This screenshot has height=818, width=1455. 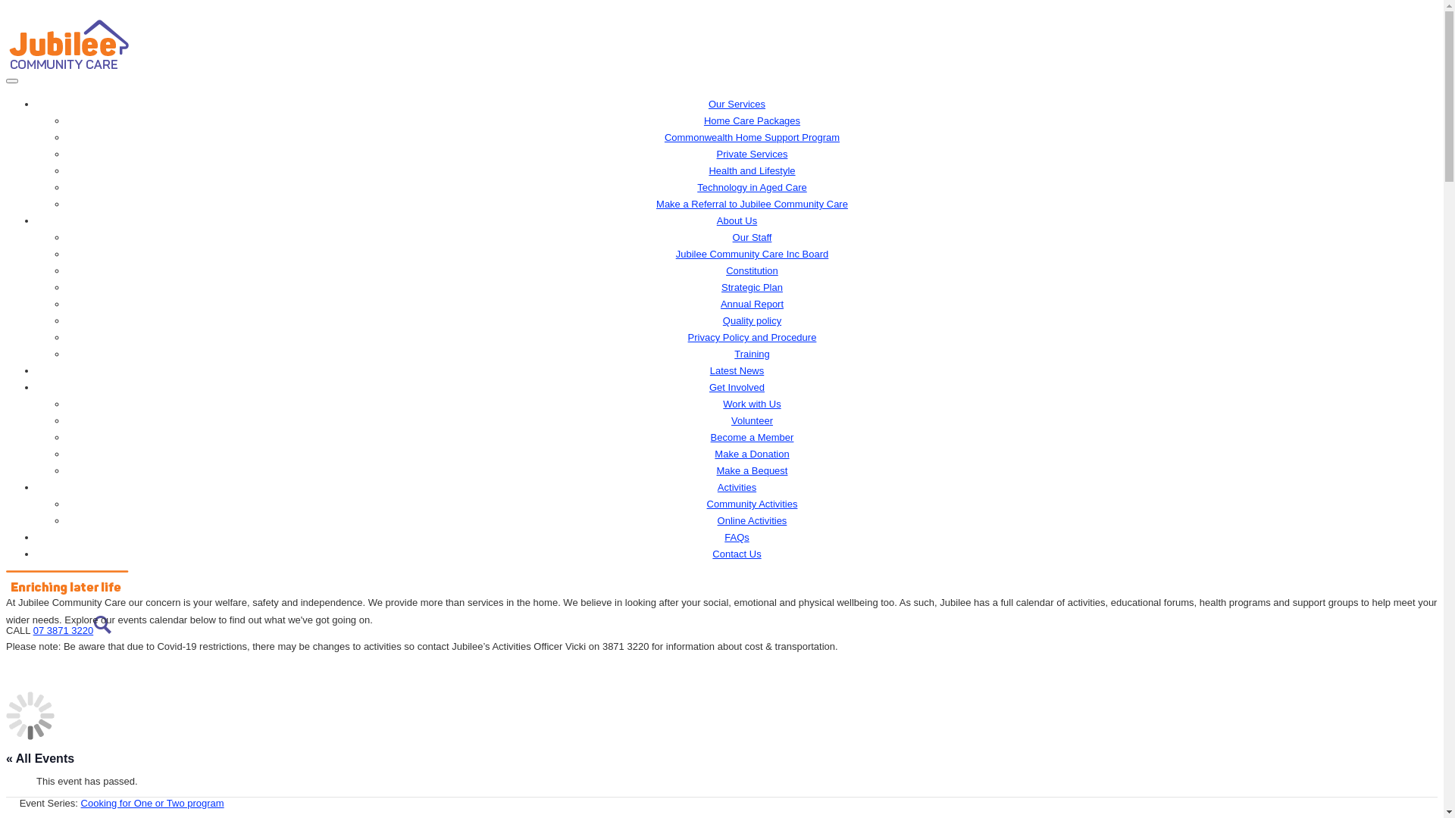 What do you see at coordinates (753, 437) in the screenshot?
I see `'Become a Member'` at bounding box center [753, 437].